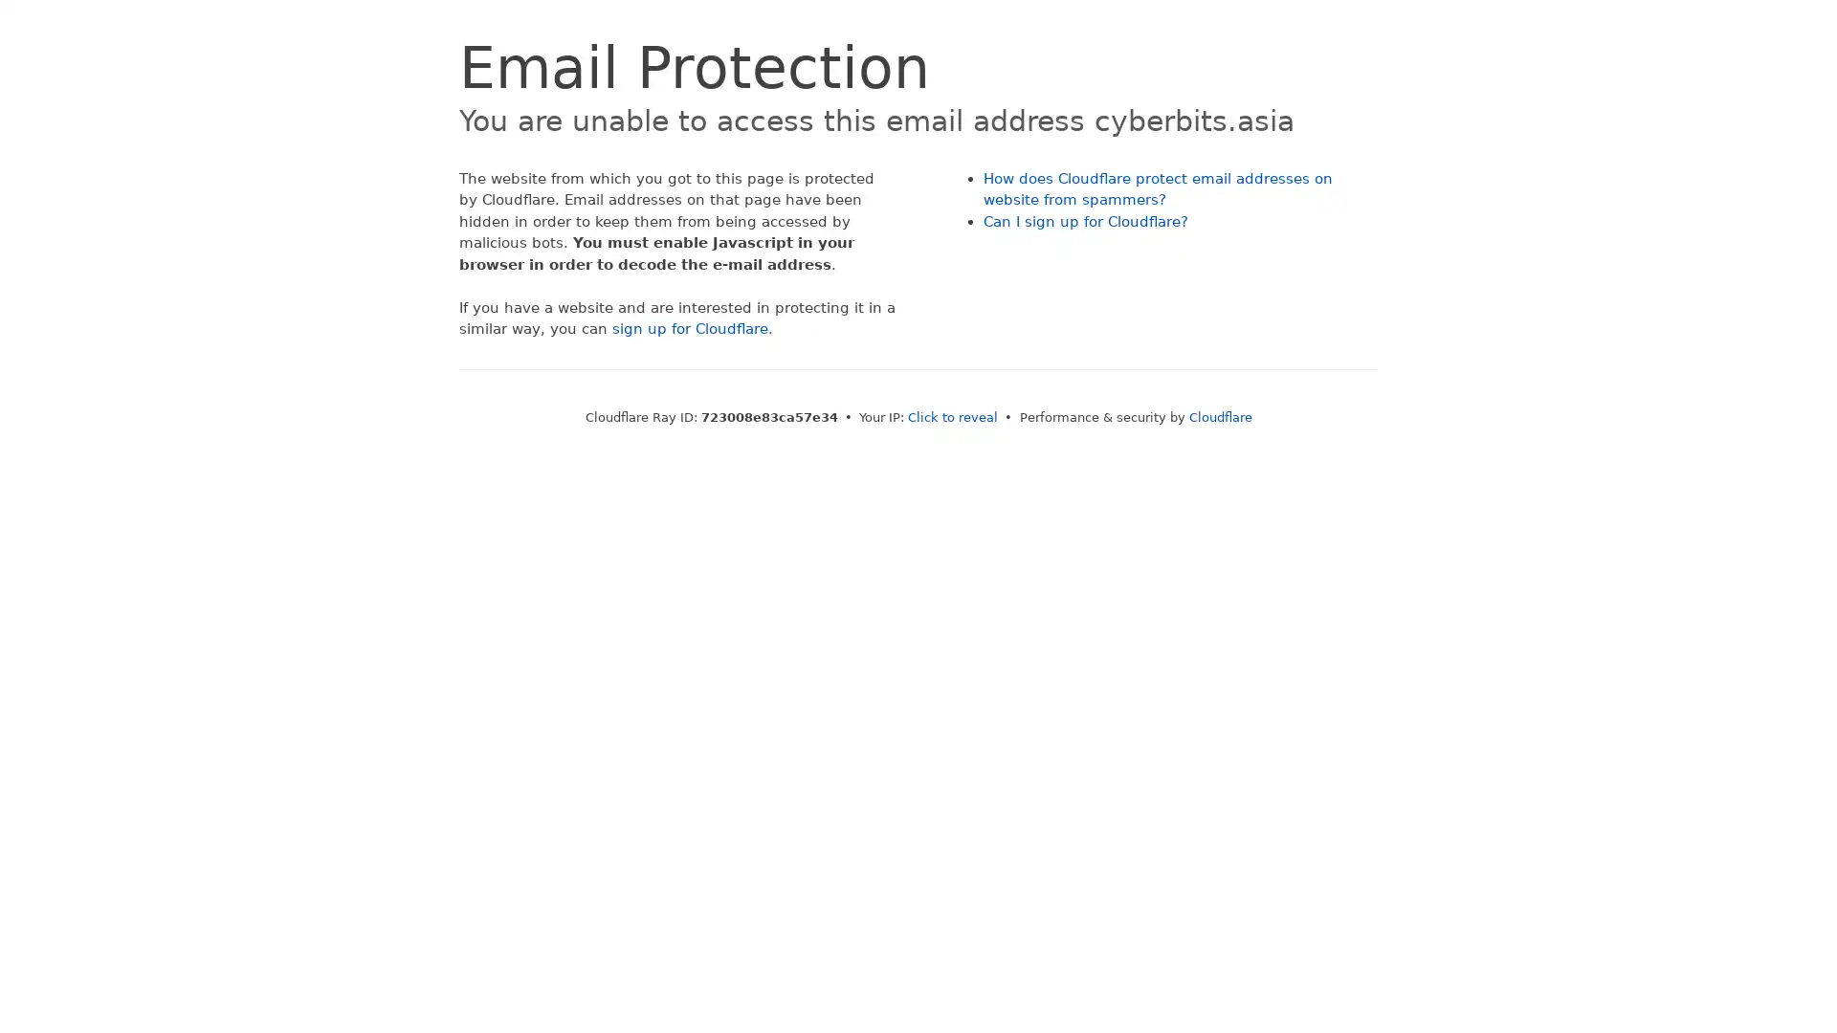 This screenshot has width=1837, height=1033. I want to click on Click to reveal, so click(953, 415).